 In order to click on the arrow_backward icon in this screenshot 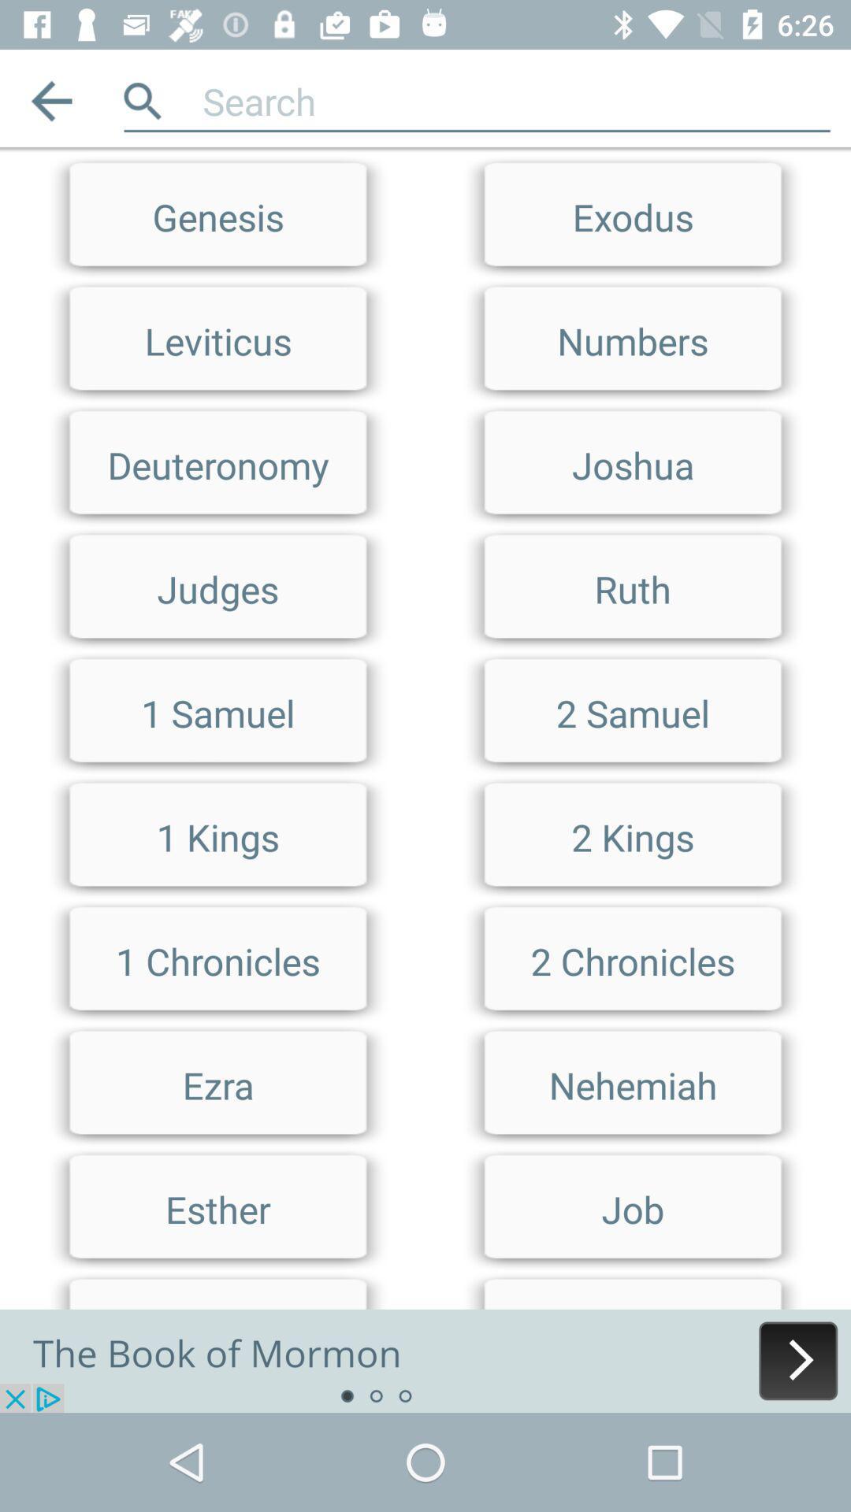, I will do `click(50, 100)`.